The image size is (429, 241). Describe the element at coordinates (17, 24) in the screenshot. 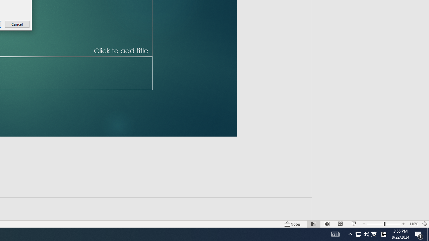

I see `'Cancel'` at that location.